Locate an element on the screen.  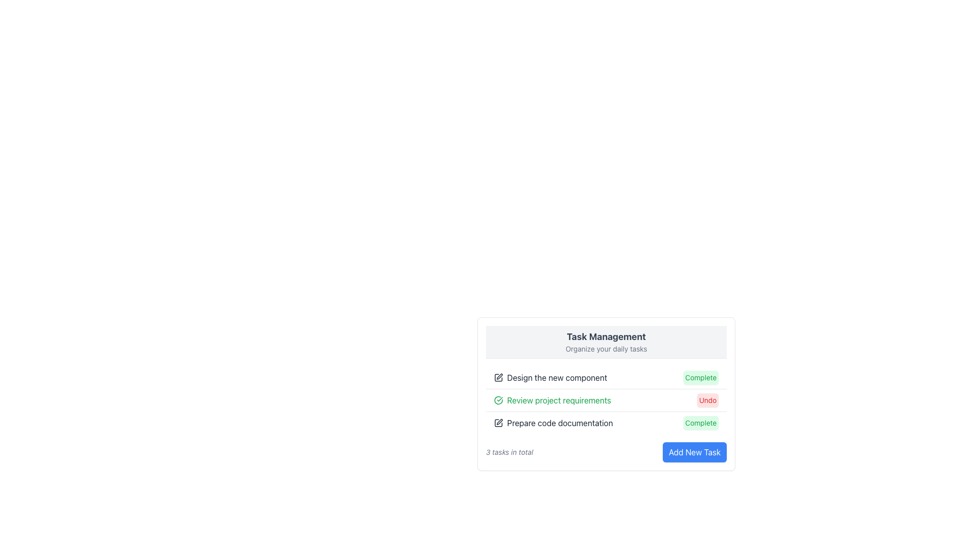
the text label with the content 'Review project requirements' which is styled in green and has a green check mark icon, located between 'Design the new component' and 'Prepare code documentation' in the task management interface is located at coordinates (552, 399).